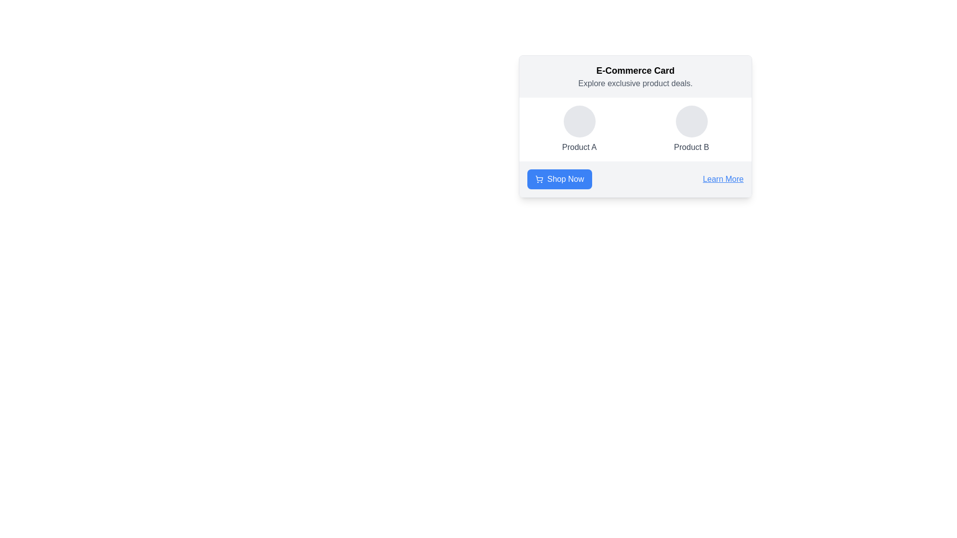 Image resolution: width=957 pixels, height=538 pixels. What do you see at coordinates (691, 147) in the screenshot?
I see `the text label reading 'Product B', which is styled in plain gray text and is positioned below a circular gray icon in a horizontally aligned grid under the header 'E-Commerce Card'` at bounding box center [691, 147].